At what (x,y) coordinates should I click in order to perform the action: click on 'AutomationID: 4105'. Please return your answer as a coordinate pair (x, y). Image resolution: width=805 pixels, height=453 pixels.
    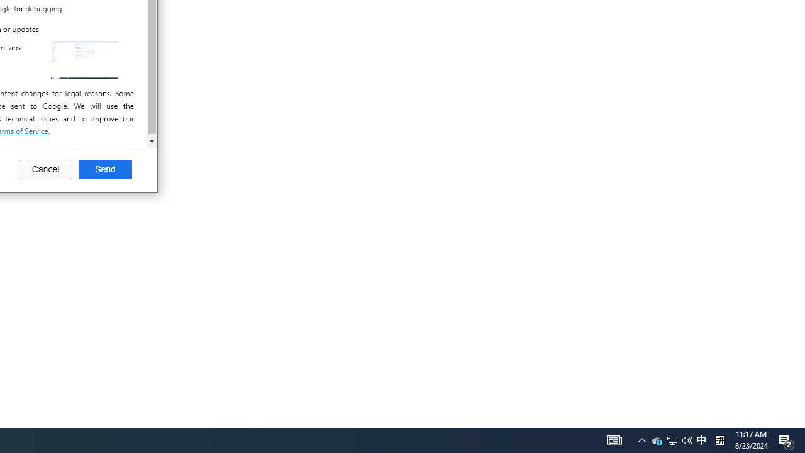
    Looking at the image, I should click on (641, 439).